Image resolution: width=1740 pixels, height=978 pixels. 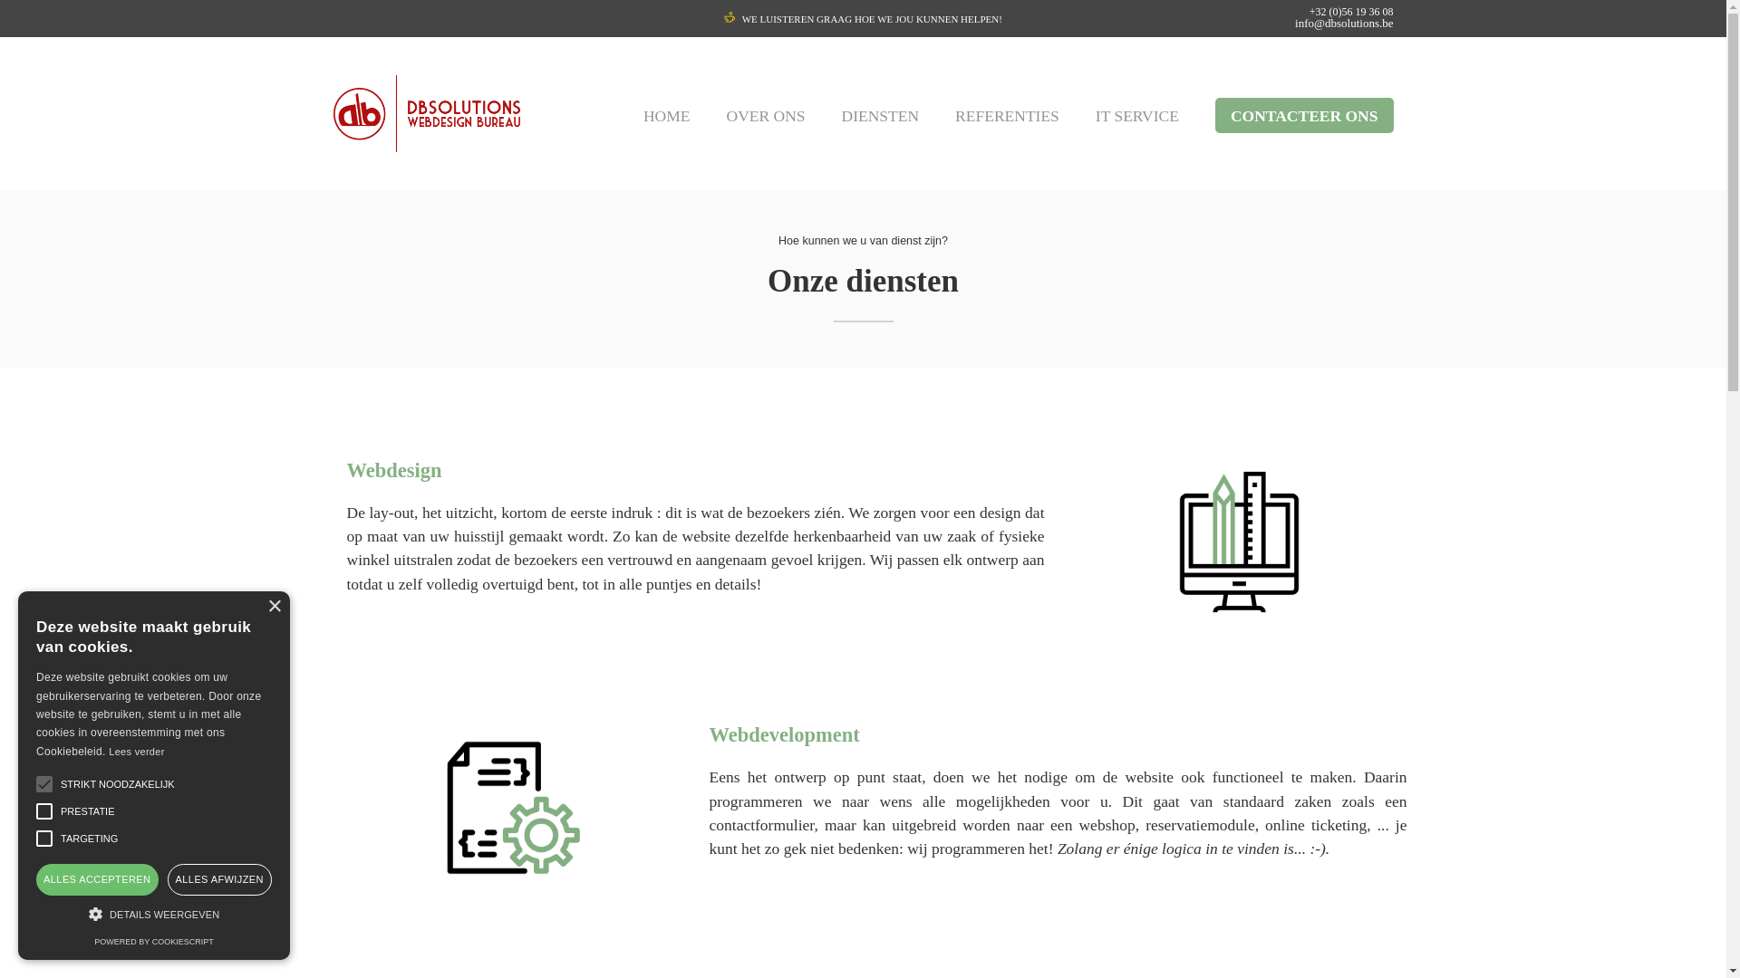 I want to click on 'POWERED BY COOKIESCRIPT', so click(x=153, y=941).